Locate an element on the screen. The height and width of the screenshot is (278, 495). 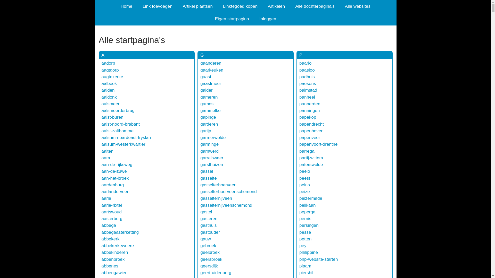
'Artikel plaatsen' is located at coordinates (178, 6).